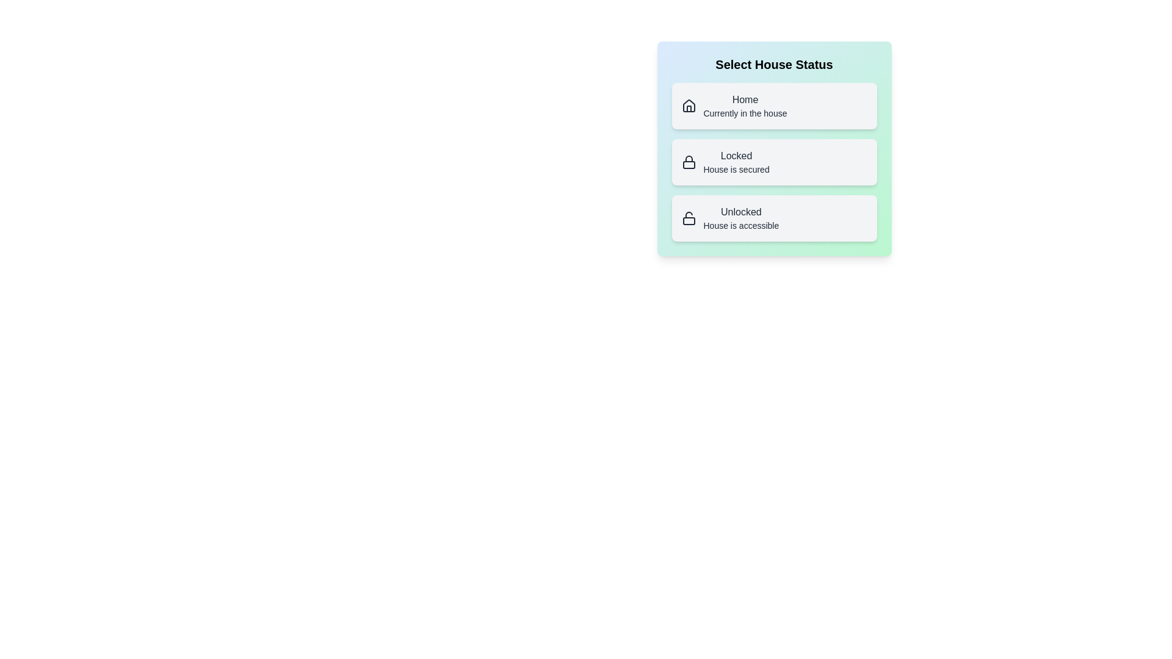 The width and height of the screenshot is (1172, 659). What do you see at coordinates (773, 162) in the screenshot?
I see `the house status by clicking on the button corresponding to Locked` at bounding box center [773, 162].